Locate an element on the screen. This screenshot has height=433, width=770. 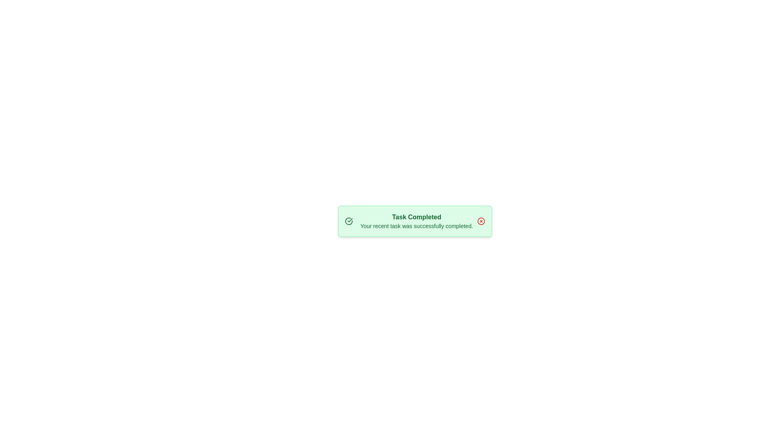
close button to dismiss the notification is located at coordinates (481, 221).